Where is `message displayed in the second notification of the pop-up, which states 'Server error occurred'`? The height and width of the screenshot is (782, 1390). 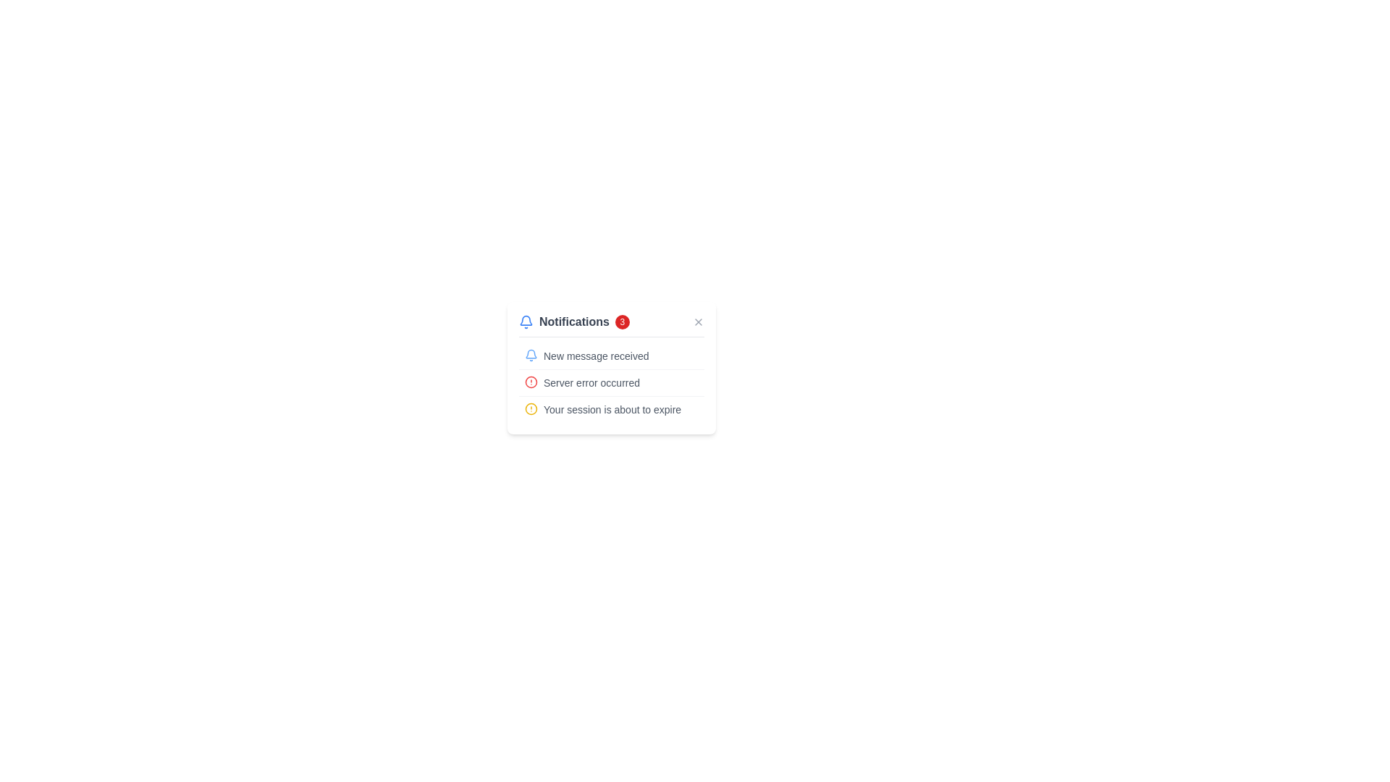
message displayed in the second notification of the pop-up, which states 'Server error occurred' is located at coordinates (591, 382).